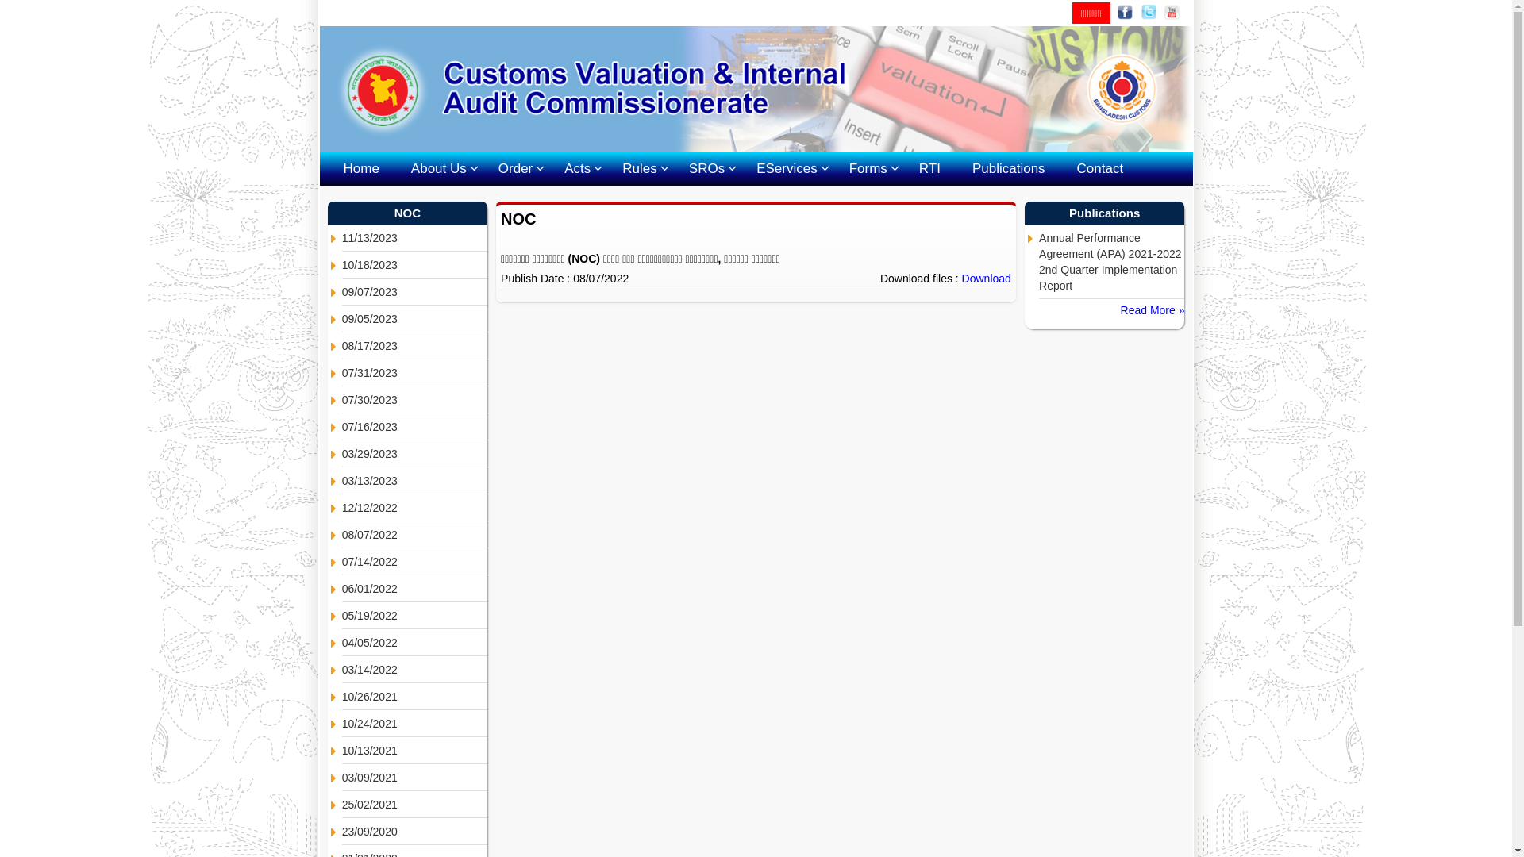 This screenshot has height=857, width=1524. Describe the element at coordinates (414, 399) in the screenshot. I see `'07/30/2023'` at that location.